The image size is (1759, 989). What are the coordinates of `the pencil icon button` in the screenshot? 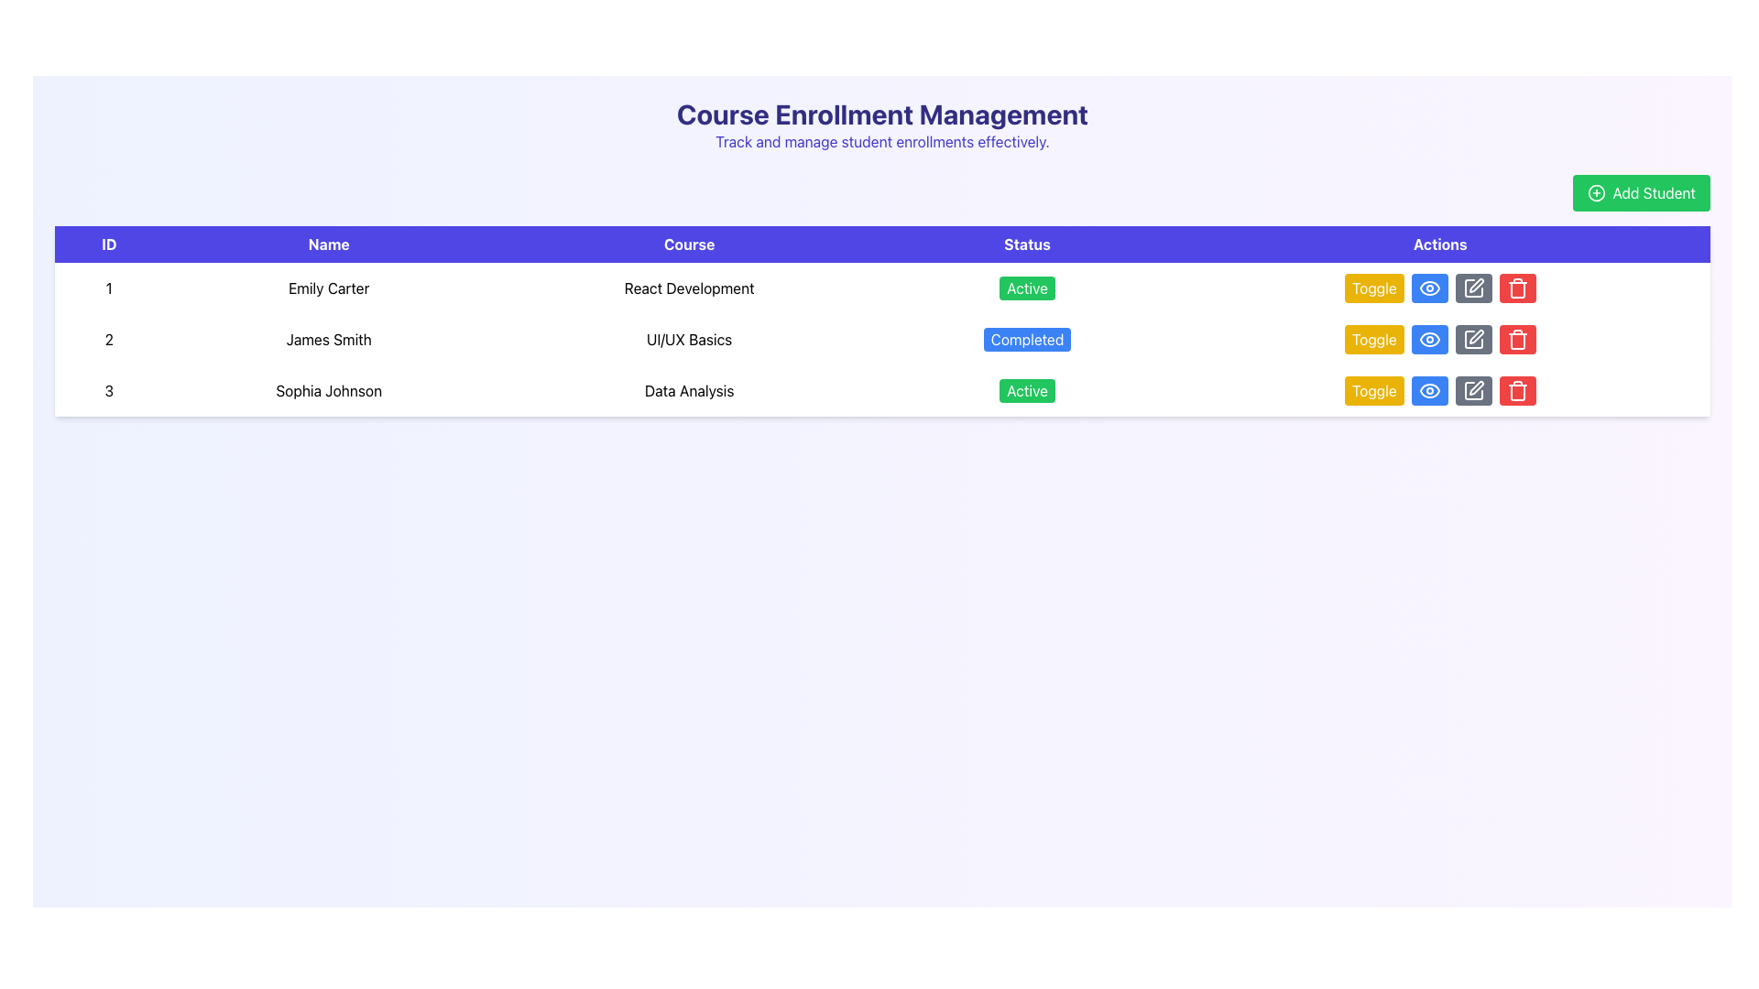 It's located at (1476, 387).